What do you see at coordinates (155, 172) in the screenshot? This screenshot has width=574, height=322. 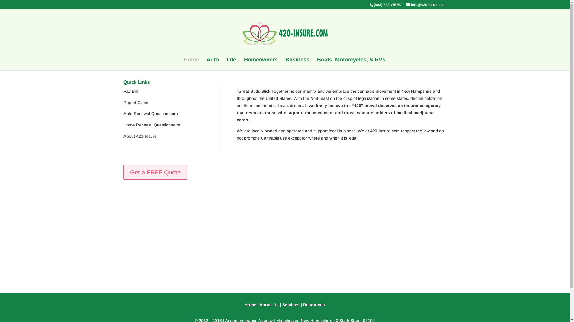 I see `'Get a FREE Quote'` at bounding box center [155, 172].